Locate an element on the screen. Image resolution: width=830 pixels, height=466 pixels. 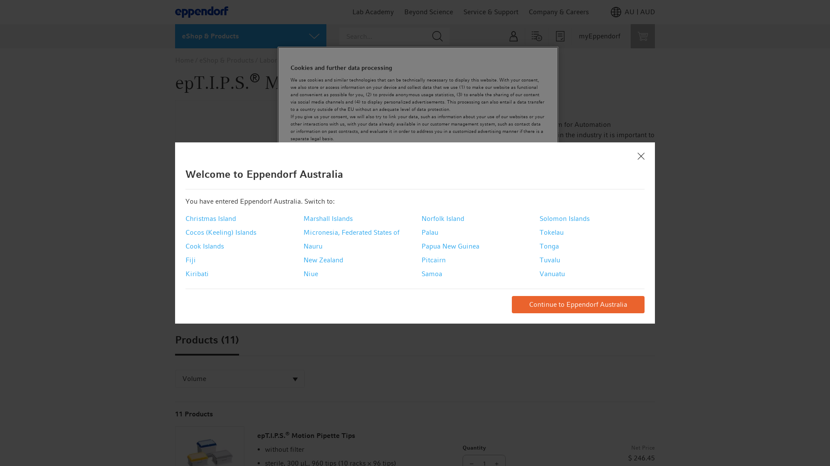
'Lab Academy' is located at coordinates (373, 12).